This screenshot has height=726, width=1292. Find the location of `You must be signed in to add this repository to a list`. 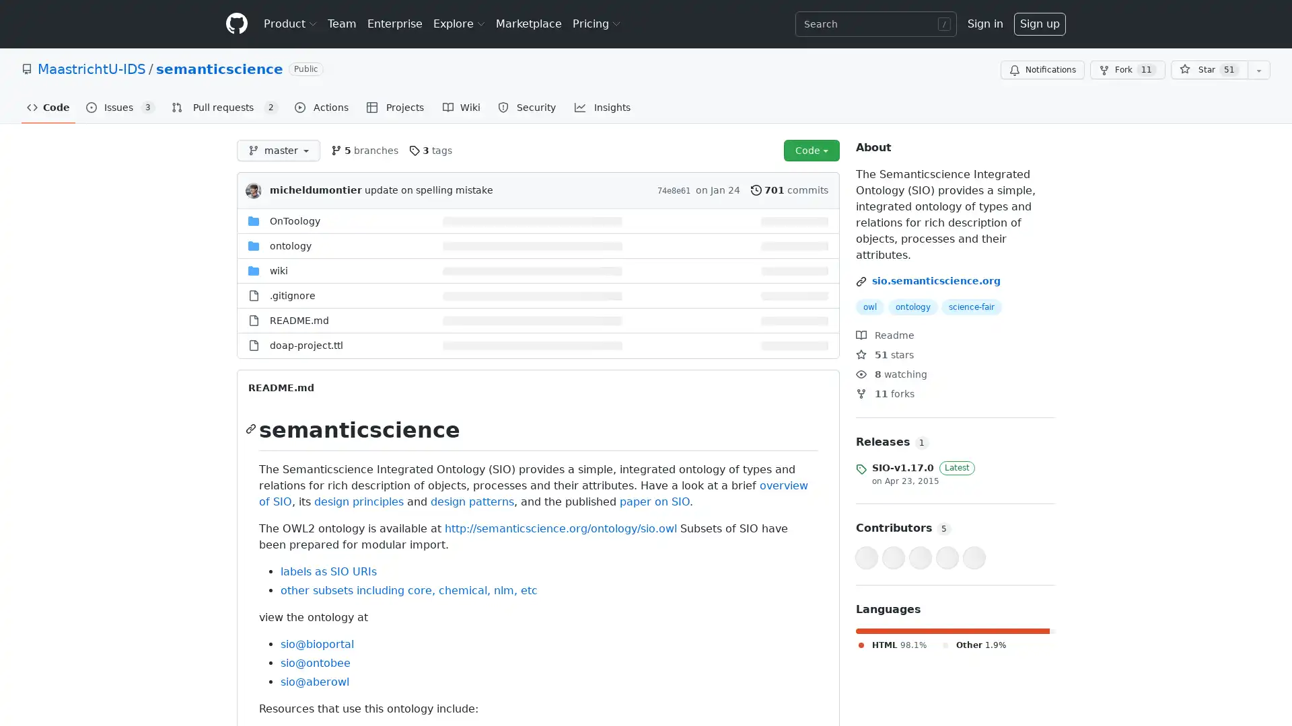

You must be signed in to add this repository to a list is located at coordinates (1258, 70).